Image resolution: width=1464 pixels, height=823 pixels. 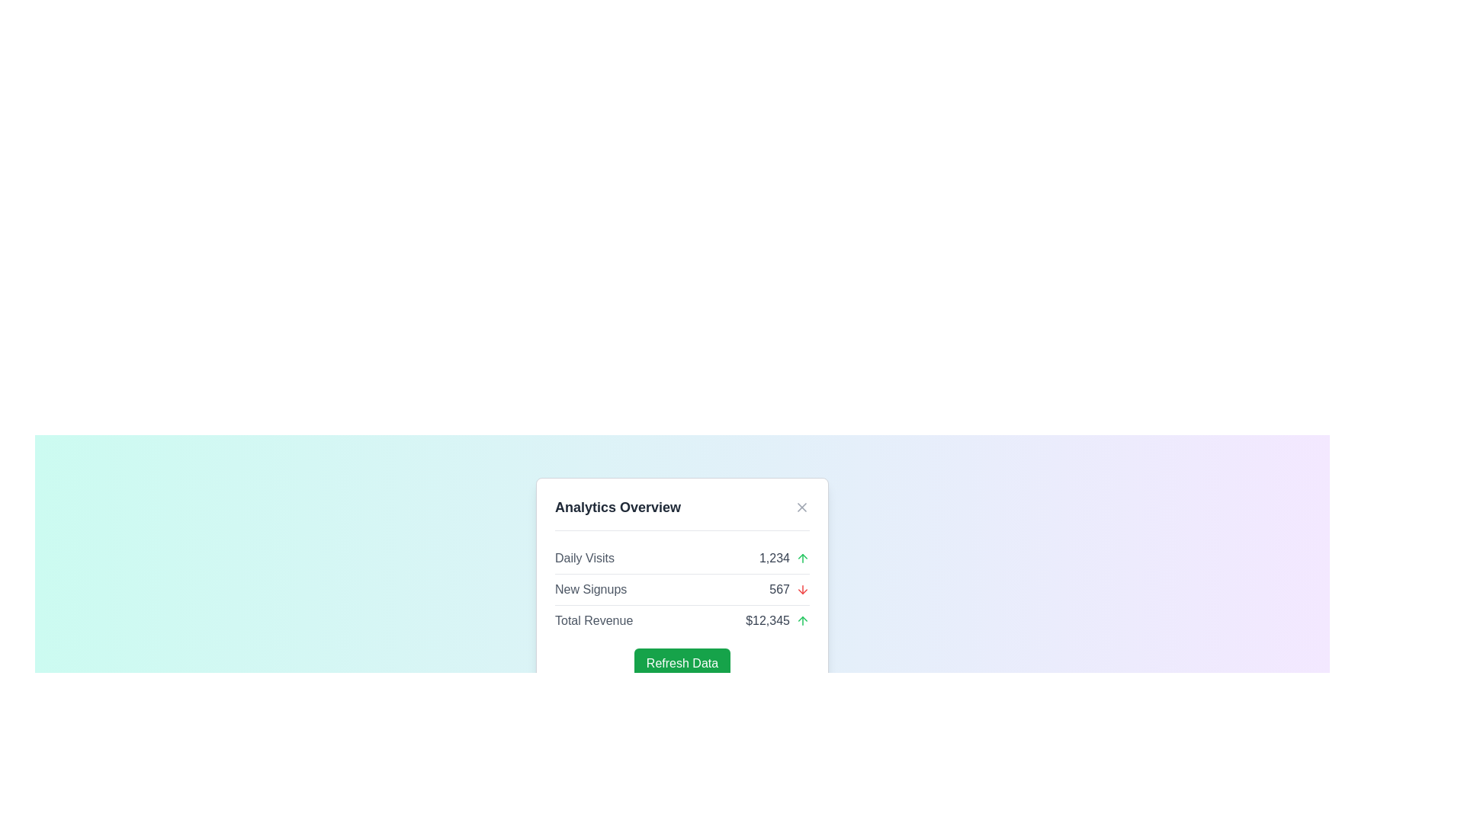 I want to click on the red arrow-down icon located next to the number '567' in the 'Analytics Overview' card layout, so click(x=801, y=589).